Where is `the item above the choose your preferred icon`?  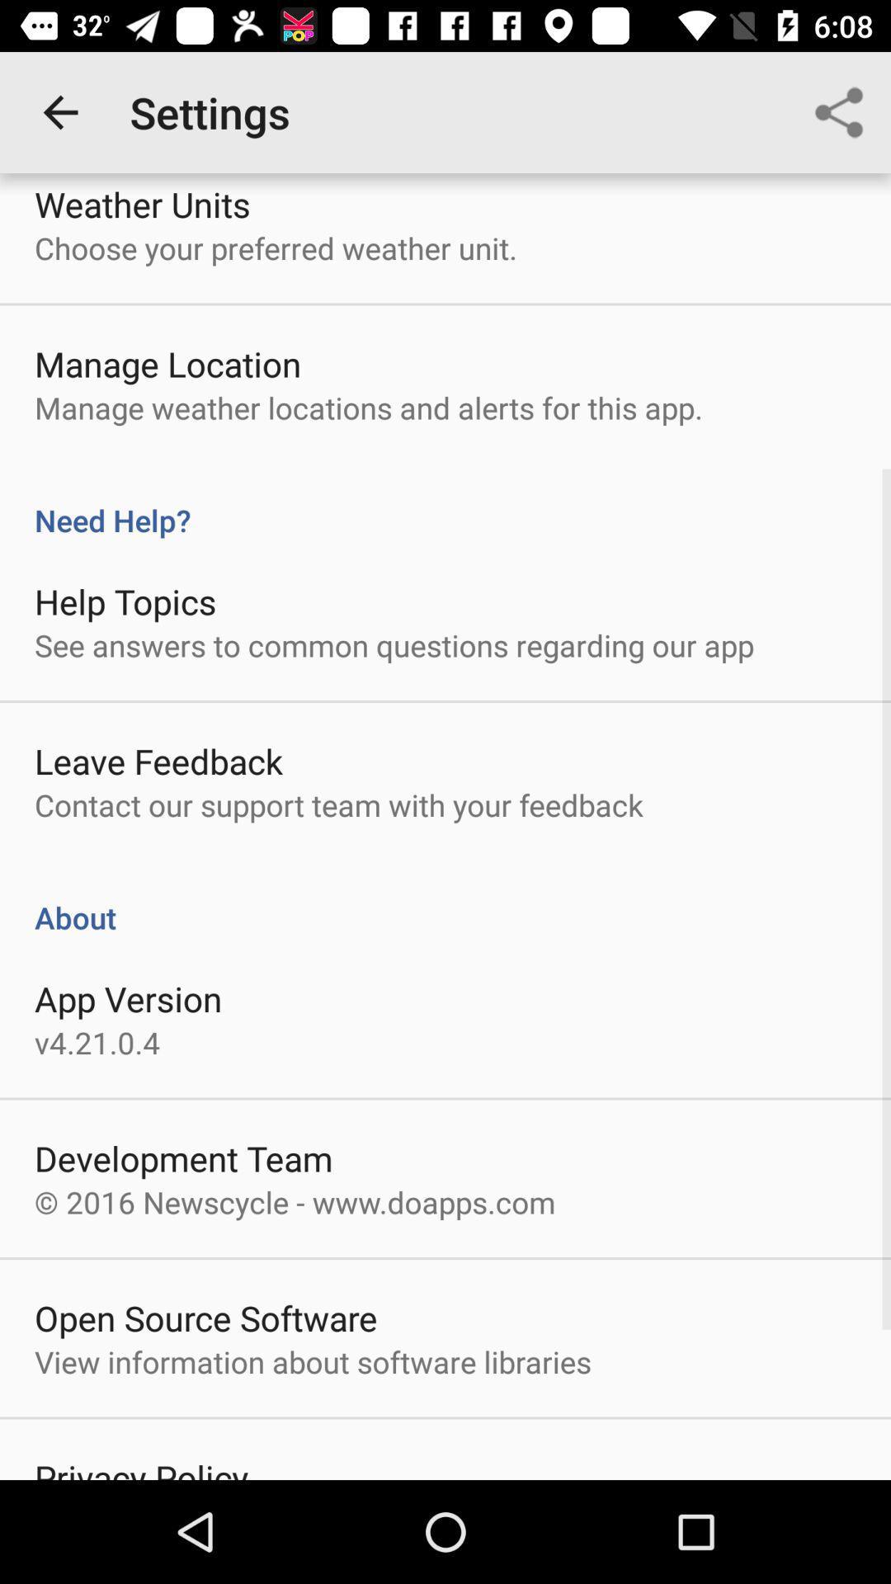
the item above the choose your preferred icon is located at coordinates (141, 203).